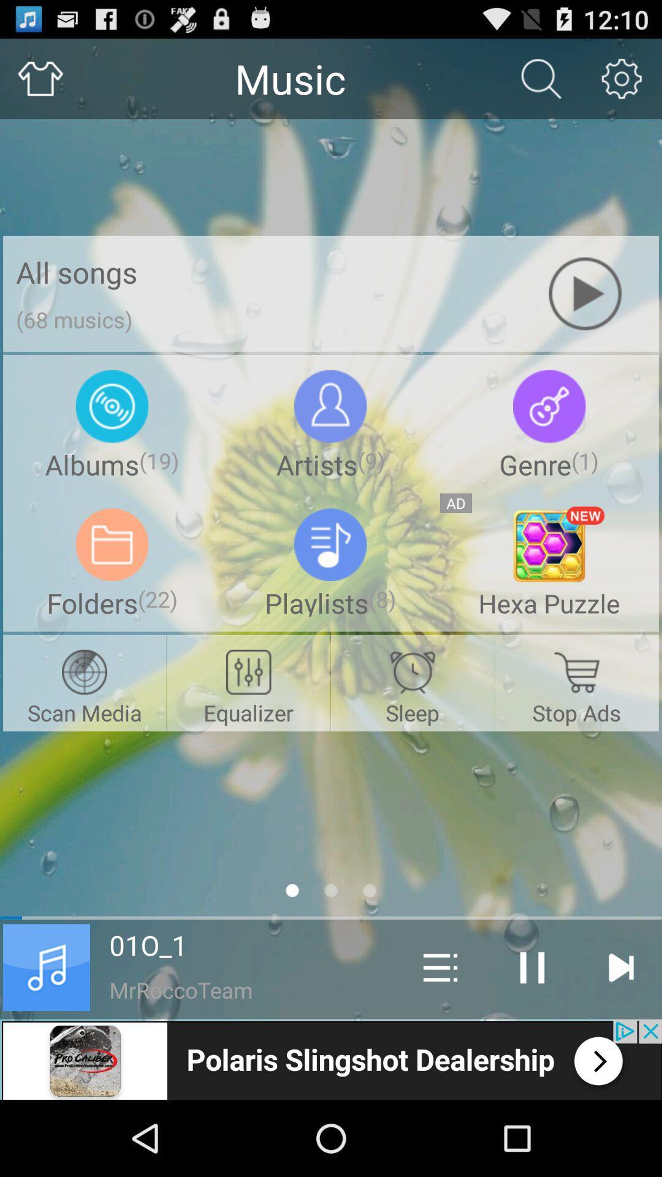 This screenshot has height=1177, width=662. I want to click on the settings icon, so click(622, 83).